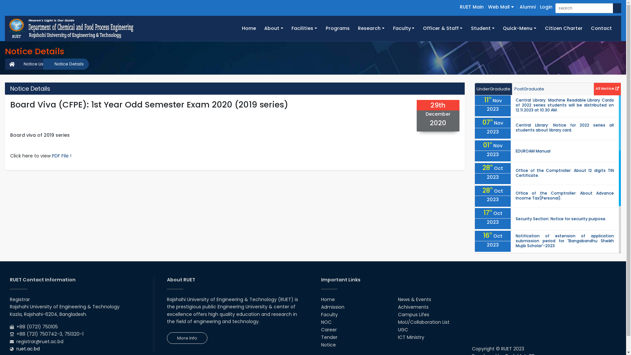  What do you see at coordinates (187, 338) in the screenshot?
I see `'More Info'` at bounding box center [187, 338].